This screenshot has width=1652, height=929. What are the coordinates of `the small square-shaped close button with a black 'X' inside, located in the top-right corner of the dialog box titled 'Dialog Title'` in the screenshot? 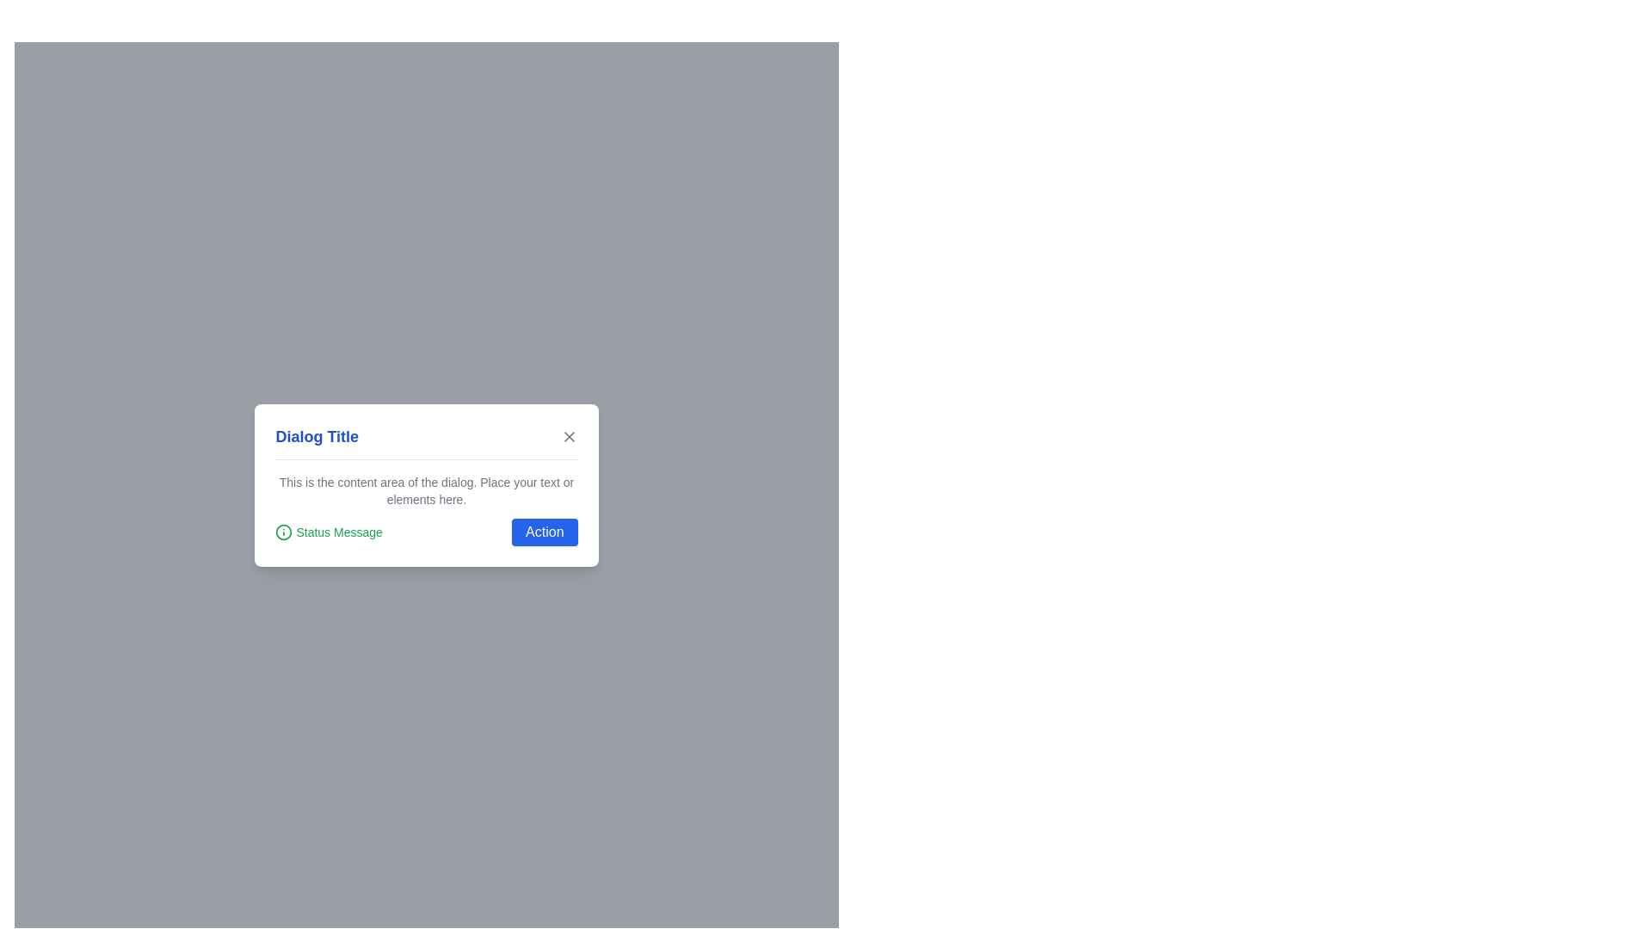 It's located at (569, 435).